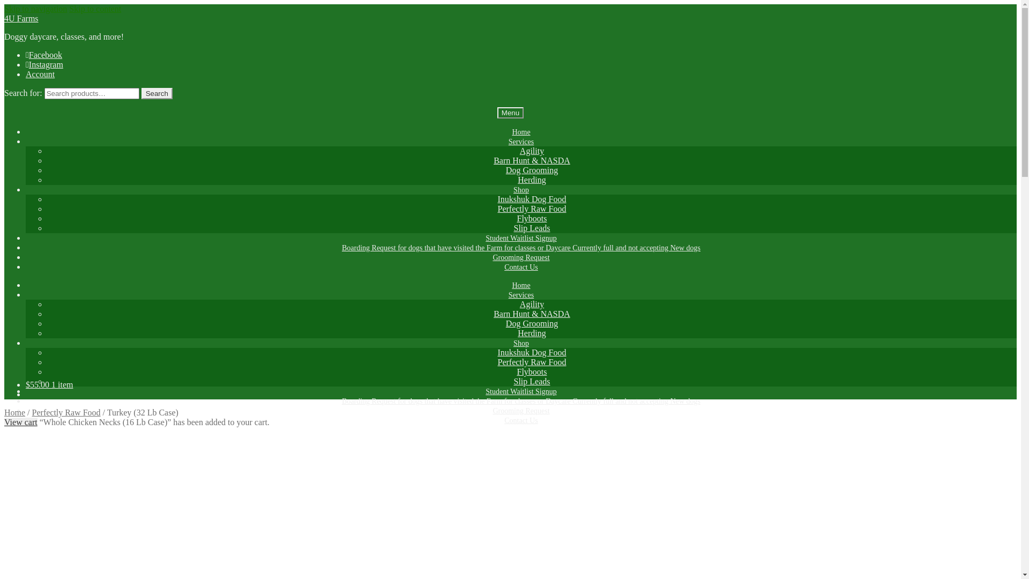  Describe the element at coordinates (40, 73) in the screenshot. I see `'Account'` at that location.